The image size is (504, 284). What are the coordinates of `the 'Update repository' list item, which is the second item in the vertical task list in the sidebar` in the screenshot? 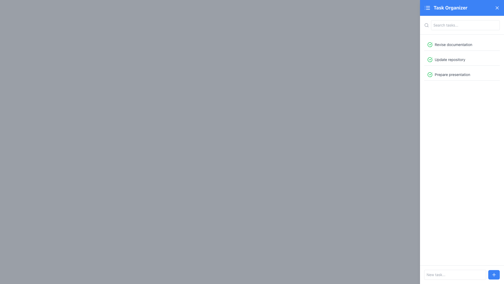 It's located at (462, 59).